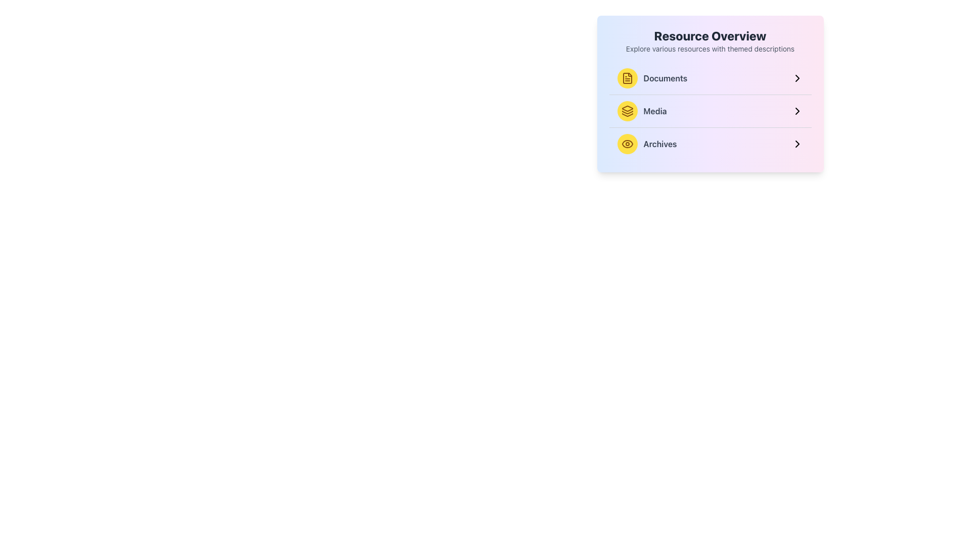 The height and width of the screenshot is (546, 971). Describe the element at coordinates (627, 77) in the screenshot. I see `the small yellow-shaded icon resembling a document, located to the left of the 'Documents' label in the 'Resource Overview' card` at that location.